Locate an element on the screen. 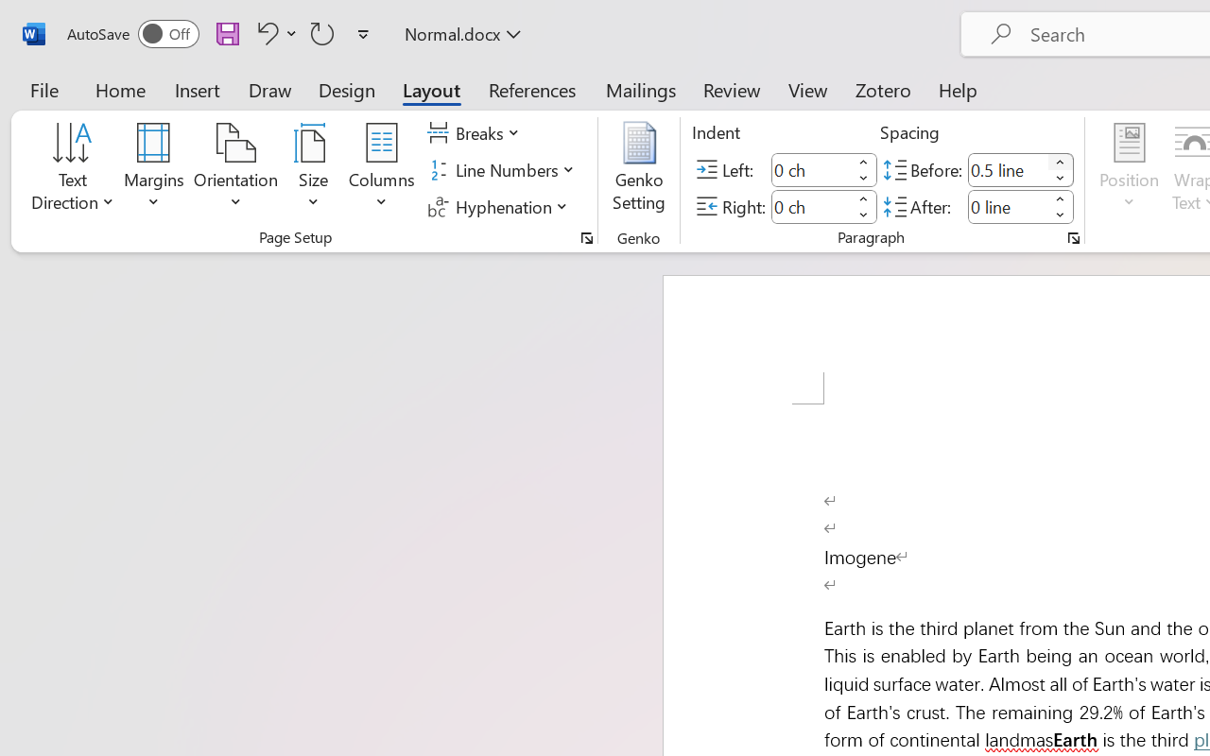  'Spacing After' is located at coordinates (1007, 206).